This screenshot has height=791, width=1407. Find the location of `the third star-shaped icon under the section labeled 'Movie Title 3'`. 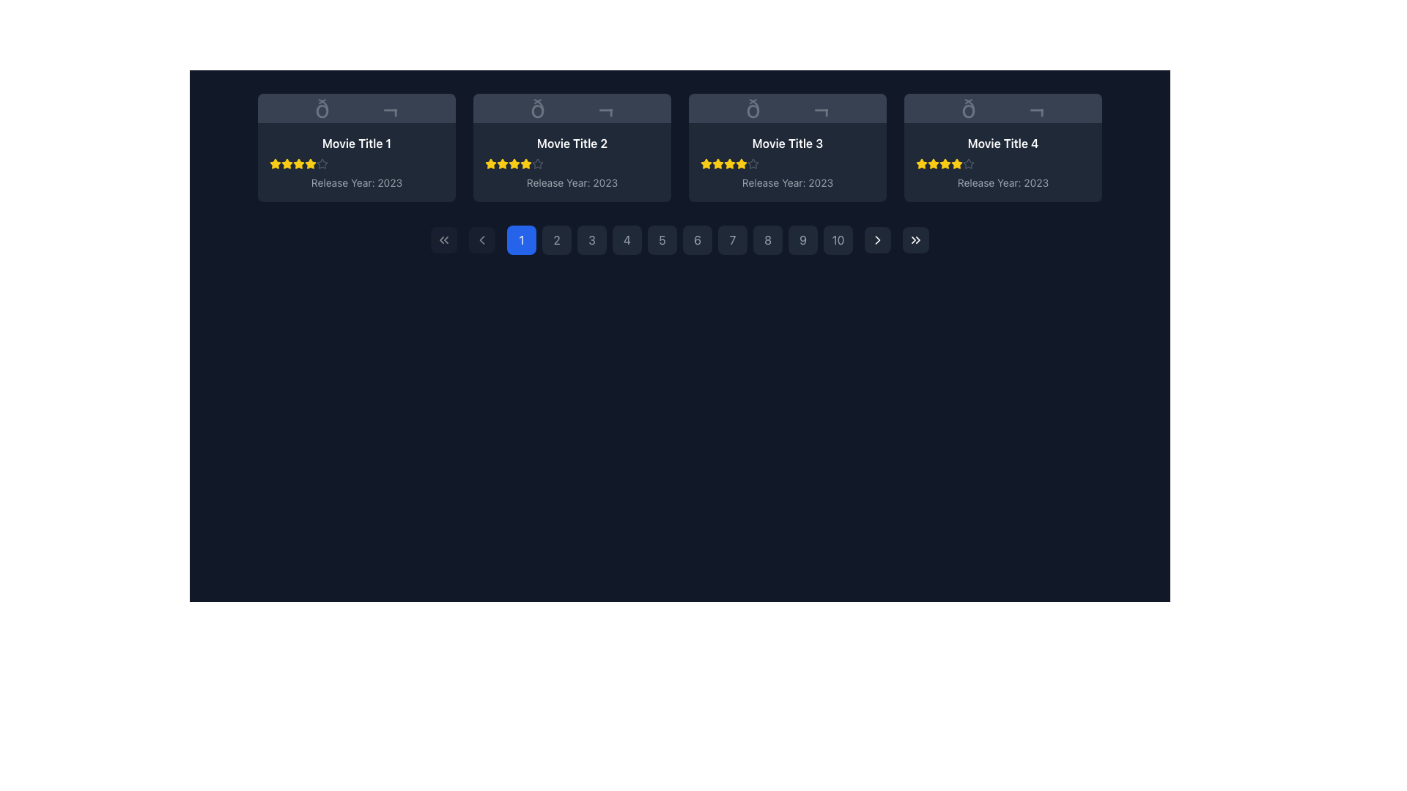

the third star-shaped icon under the section labeled 'Movie Title 3' is located at coordinates (706, 163).